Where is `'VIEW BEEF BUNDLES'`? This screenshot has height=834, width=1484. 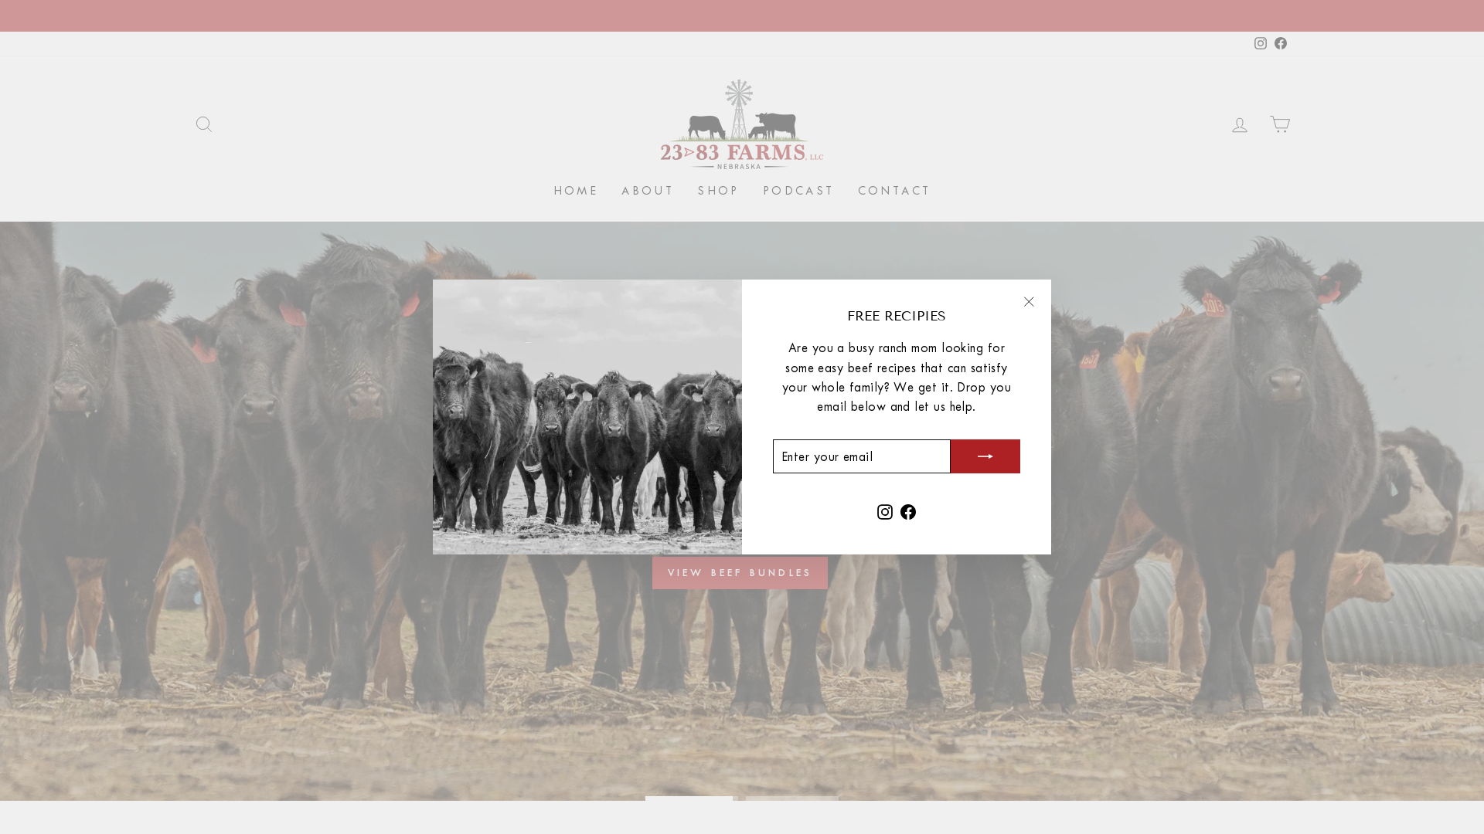 'VIEW BEEF BUNDLES' is located at coordinates (739, 572).